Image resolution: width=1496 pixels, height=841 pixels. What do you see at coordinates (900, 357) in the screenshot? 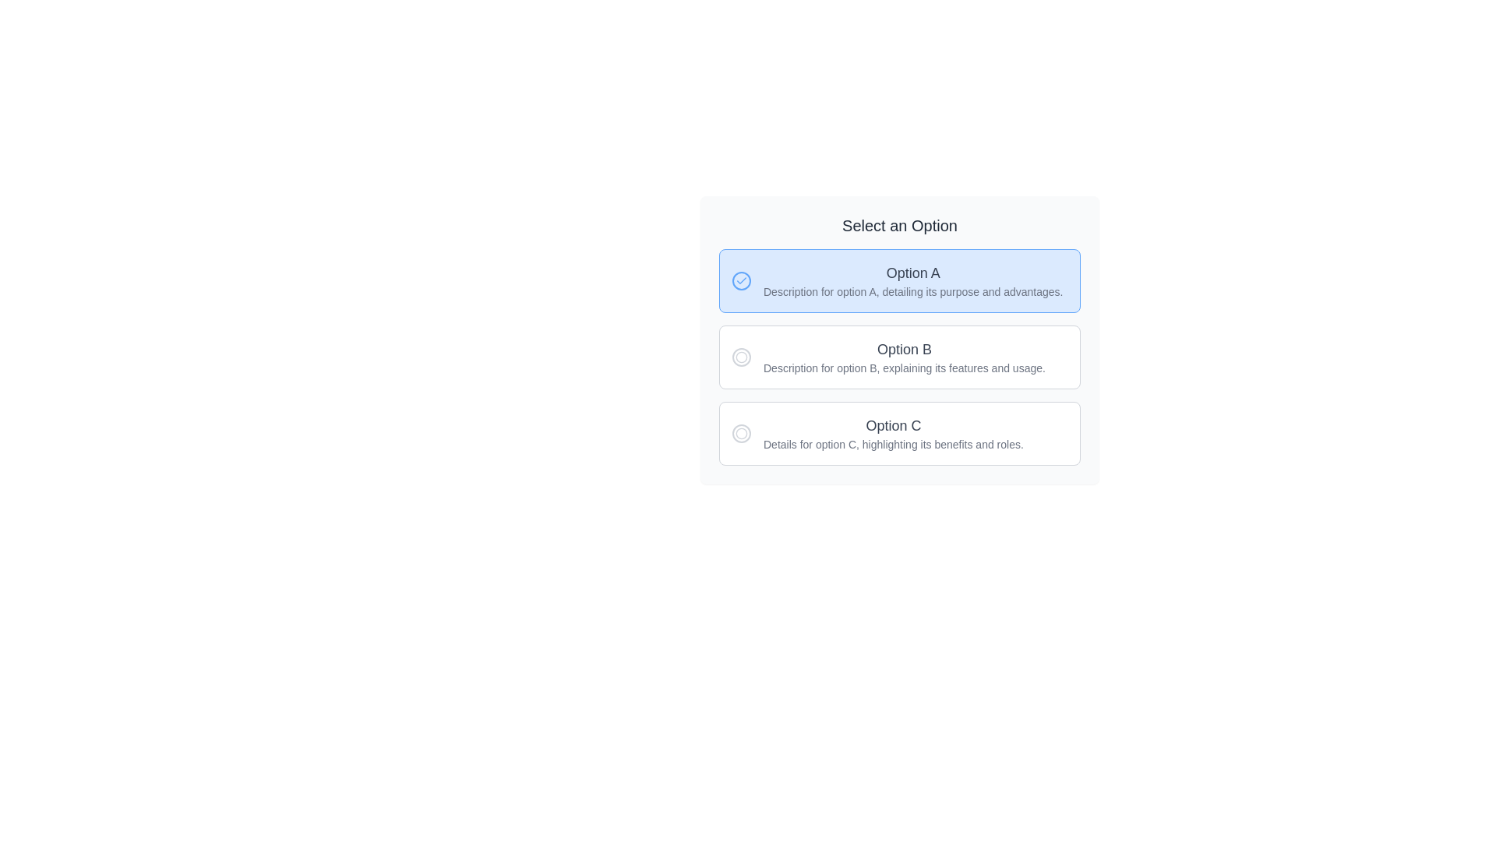
I see `the selectable option labeled 'Option B'` at bounding box center [900, 357].